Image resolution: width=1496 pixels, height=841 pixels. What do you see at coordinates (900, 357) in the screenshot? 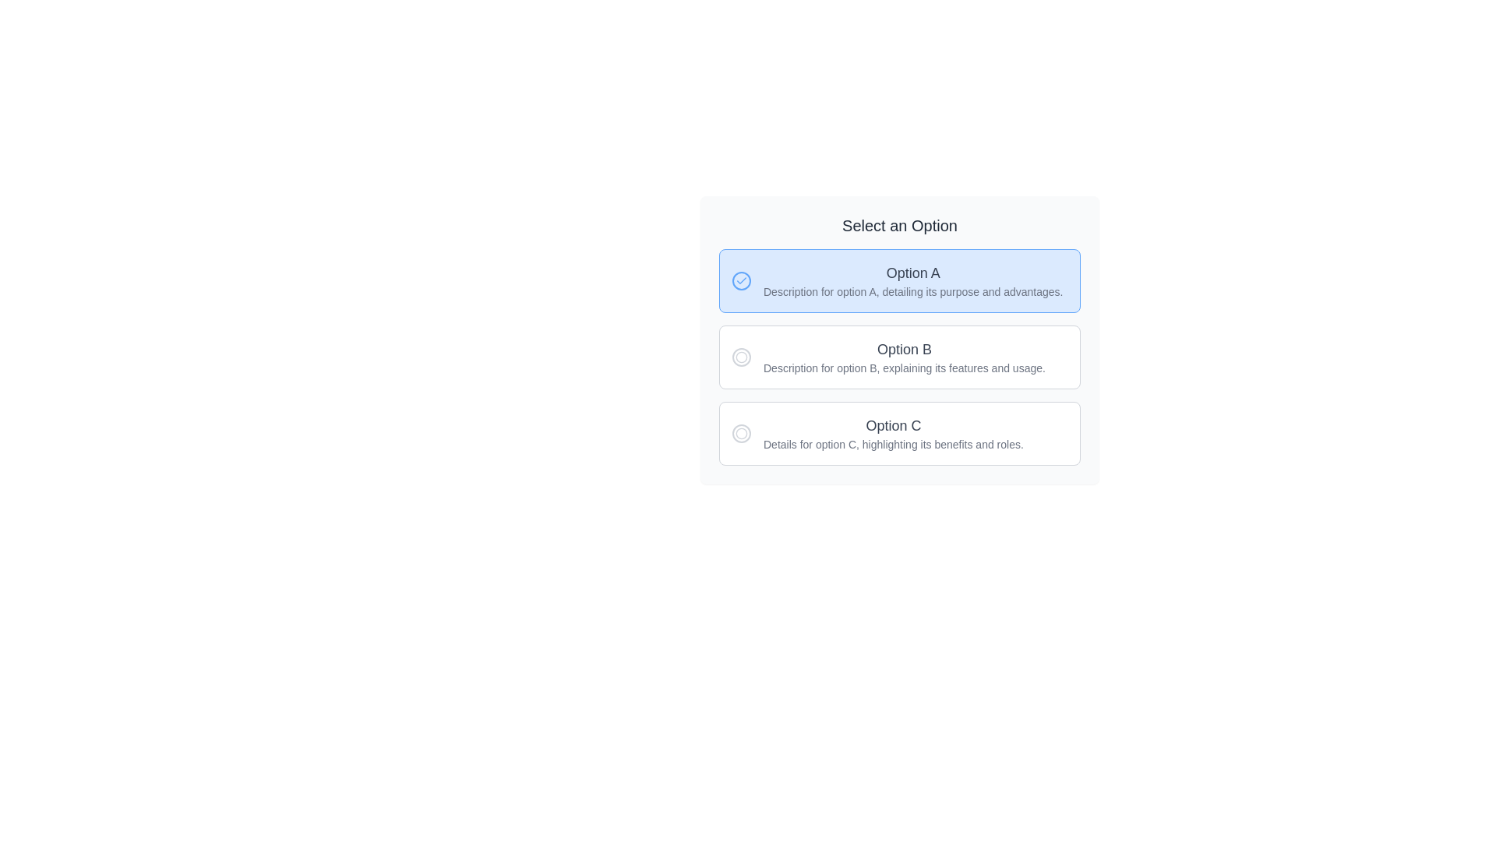
I see `the selectable option labeled 'Option B'` at bounding box center [900, 357].